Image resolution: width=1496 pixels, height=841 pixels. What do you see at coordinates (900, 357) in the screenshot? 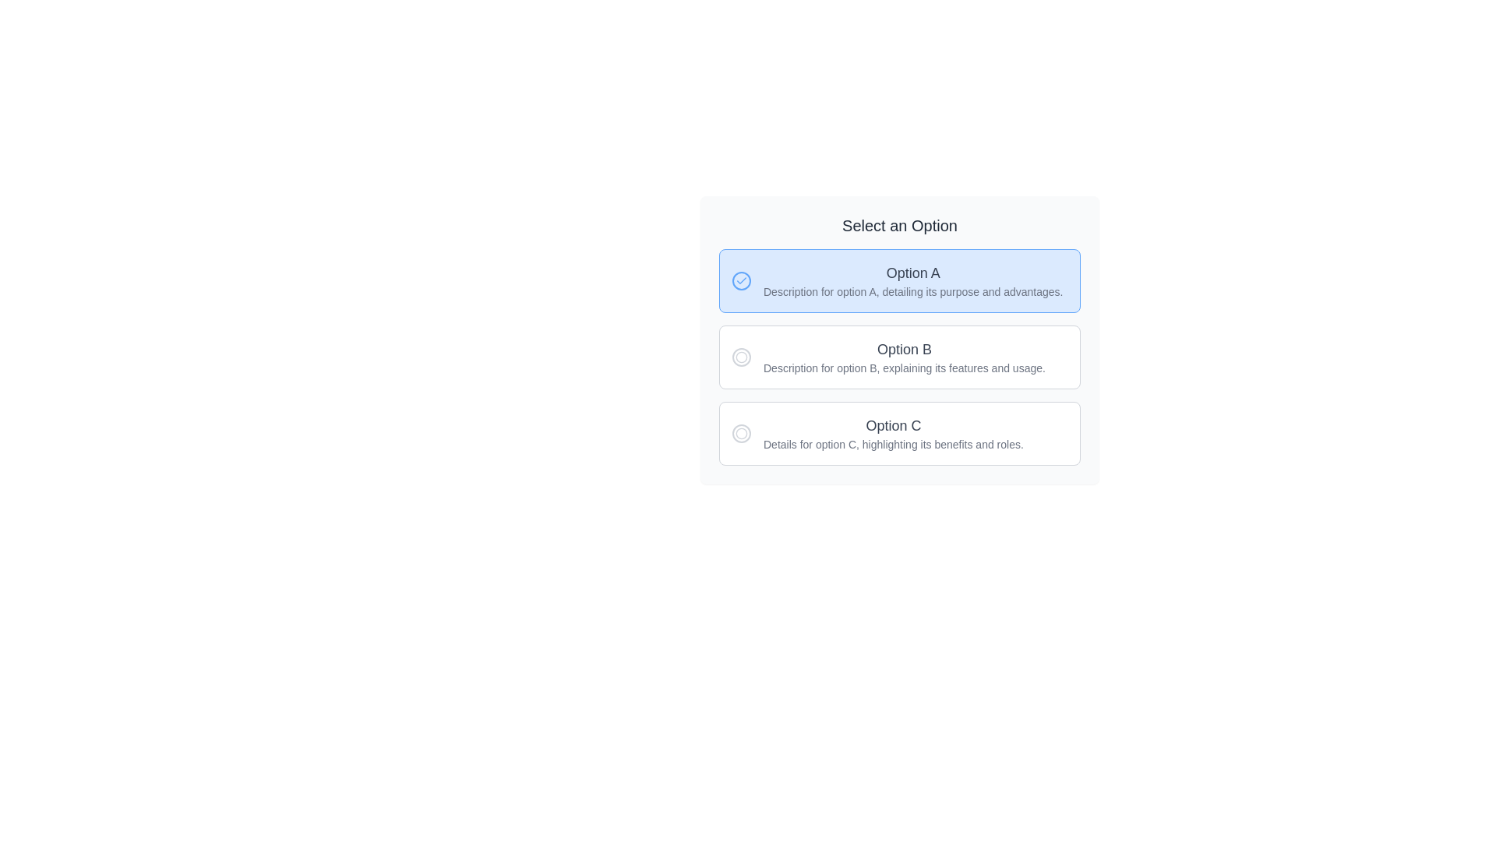
I see `the selectable option labeled 'Option B'` at bounding box center [900, 357].